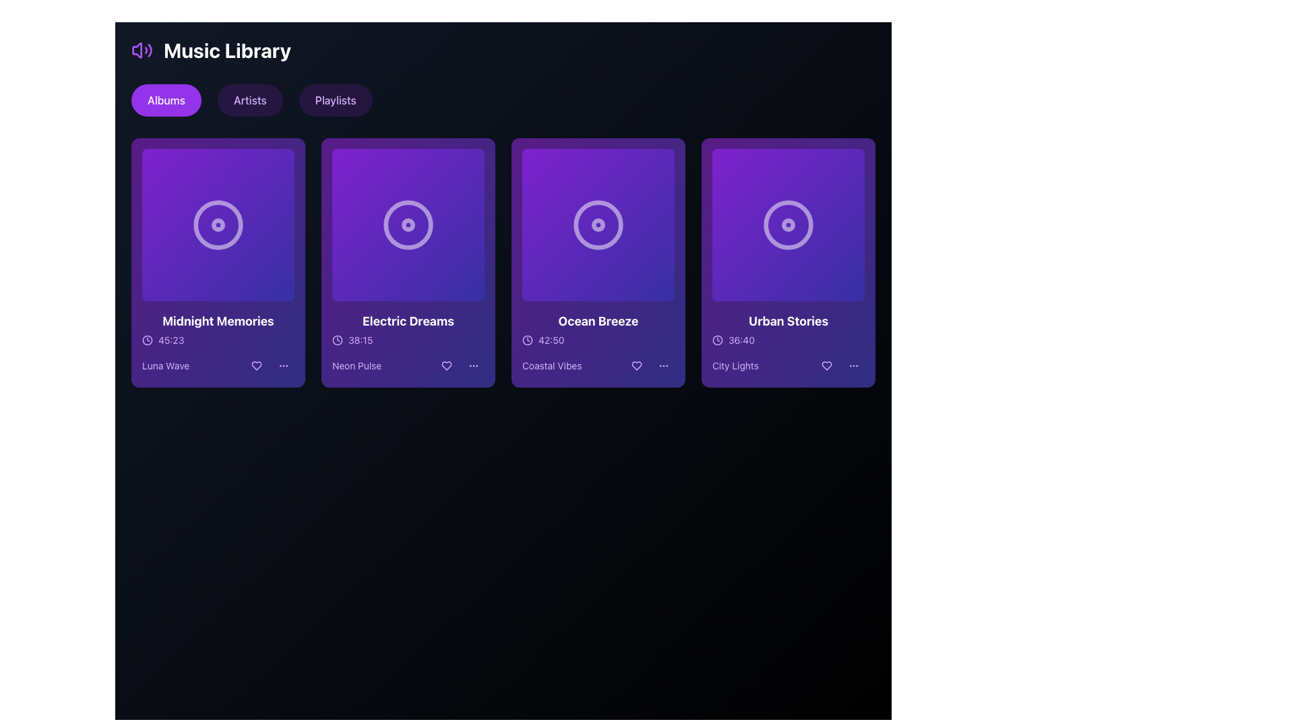  I want to click on the triangular play icon styled in white color on a circular purple background located in the 'Electric Dreams' album card, so click(407, 224).